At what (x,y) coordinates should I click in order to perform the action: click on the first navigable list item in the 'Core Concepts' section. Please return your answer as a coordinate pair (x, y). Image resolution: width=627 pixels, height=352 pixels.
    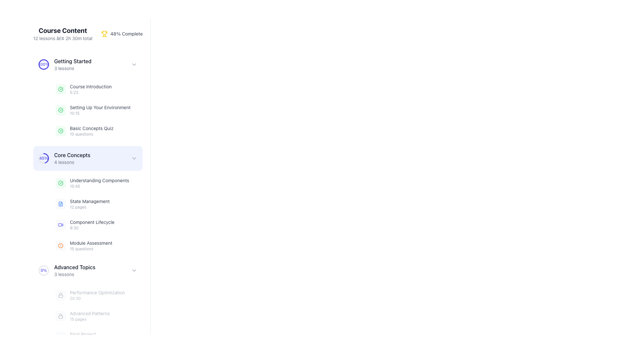
    Looking at the image, I should click on (97, 183).